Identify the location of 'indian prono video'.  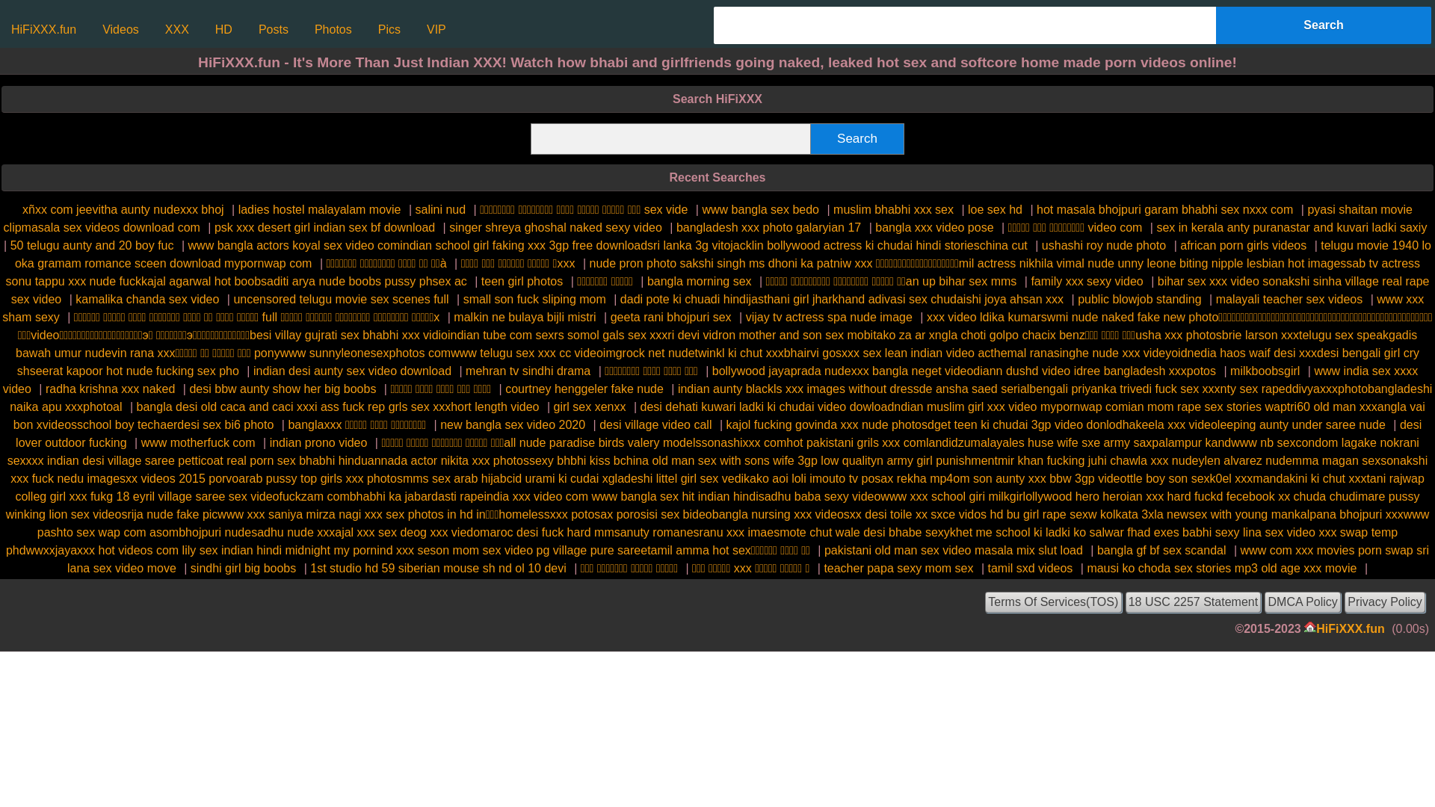
(318, 442).